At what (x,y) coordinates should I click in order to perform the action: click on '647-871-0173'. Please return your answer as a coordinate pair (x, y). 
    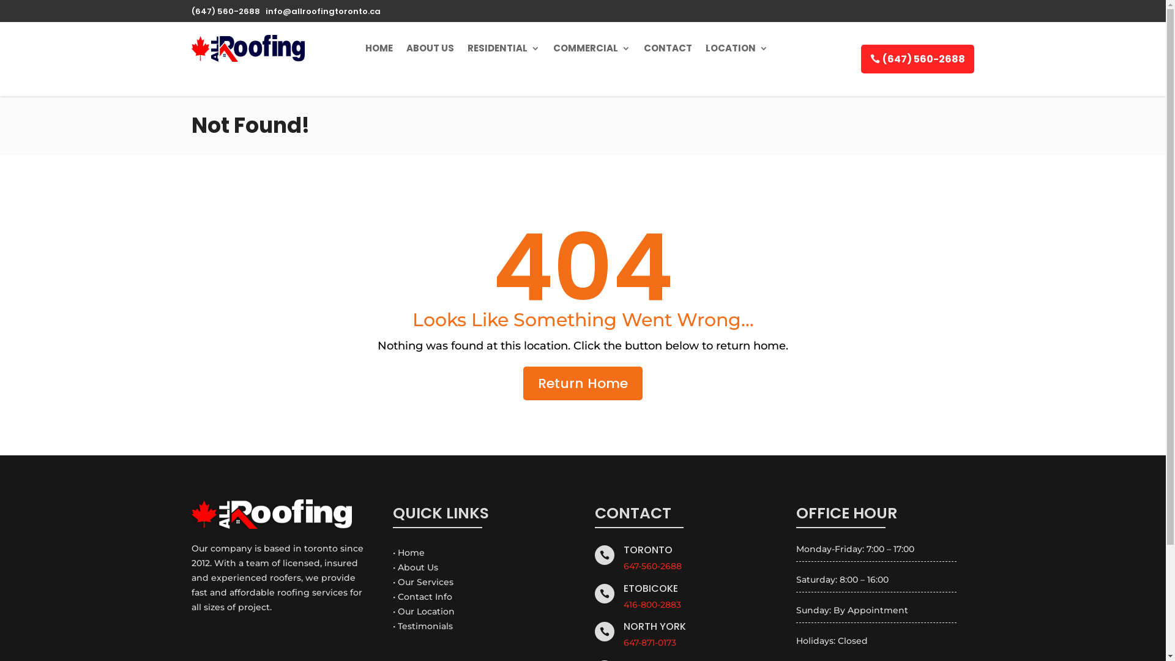
    Looking at the image, I should click on (649, 641).